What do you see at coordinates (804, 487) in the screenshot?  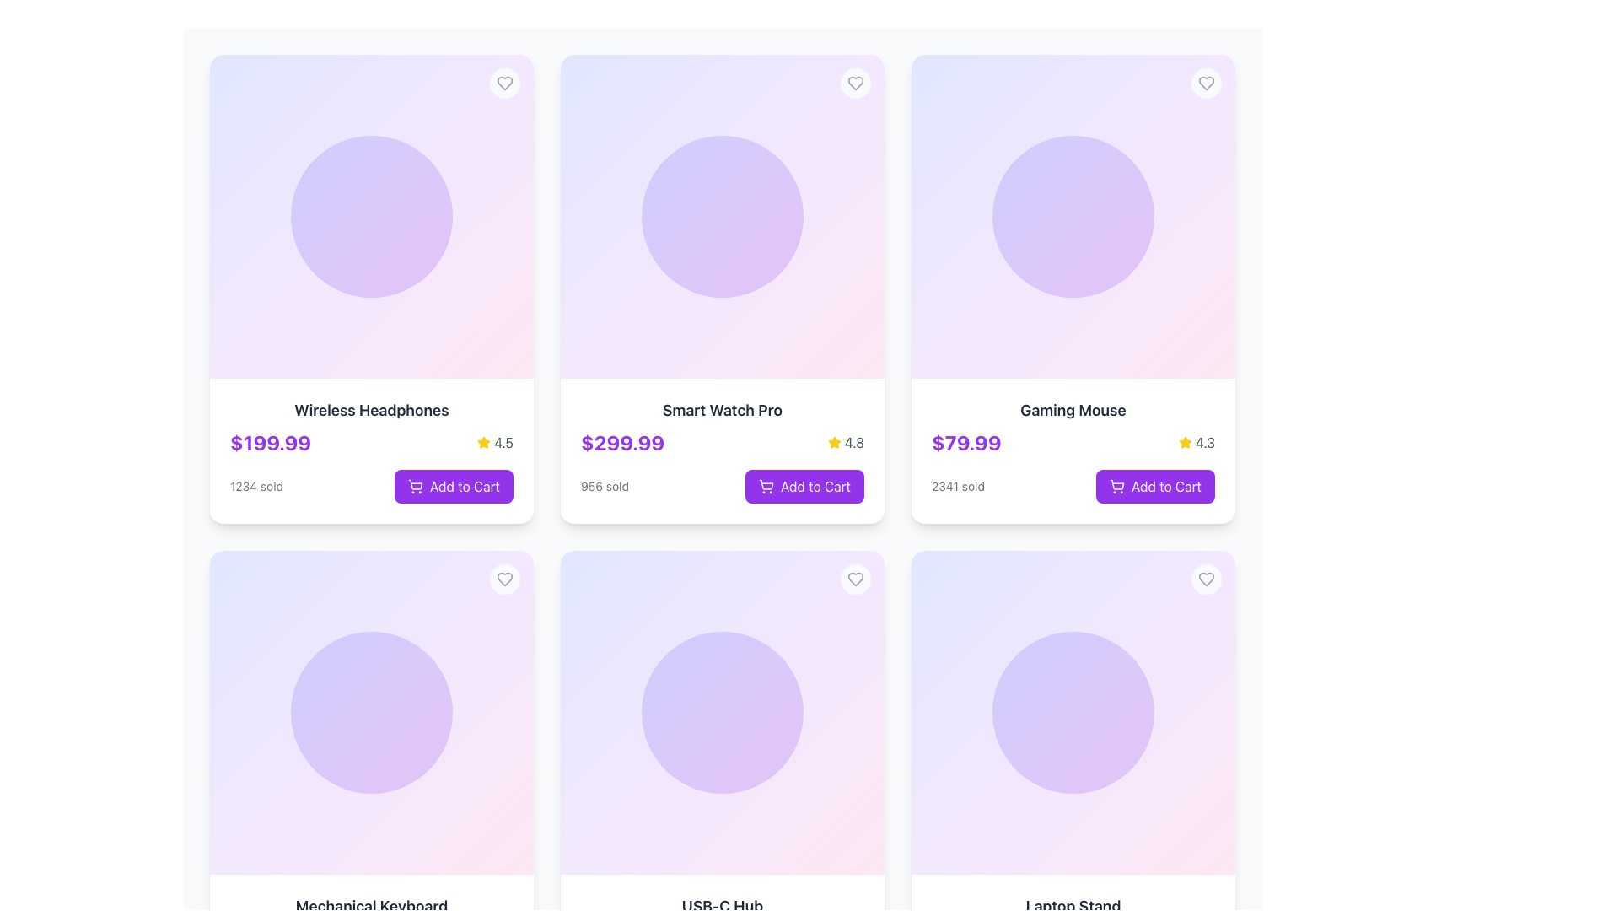 I see `the 'Add to Cart' button with a purple background and shopping cart icon located at the bottom-right corner of the product card for 'Smart Watch Pro'` at bounding box center [804, 487].